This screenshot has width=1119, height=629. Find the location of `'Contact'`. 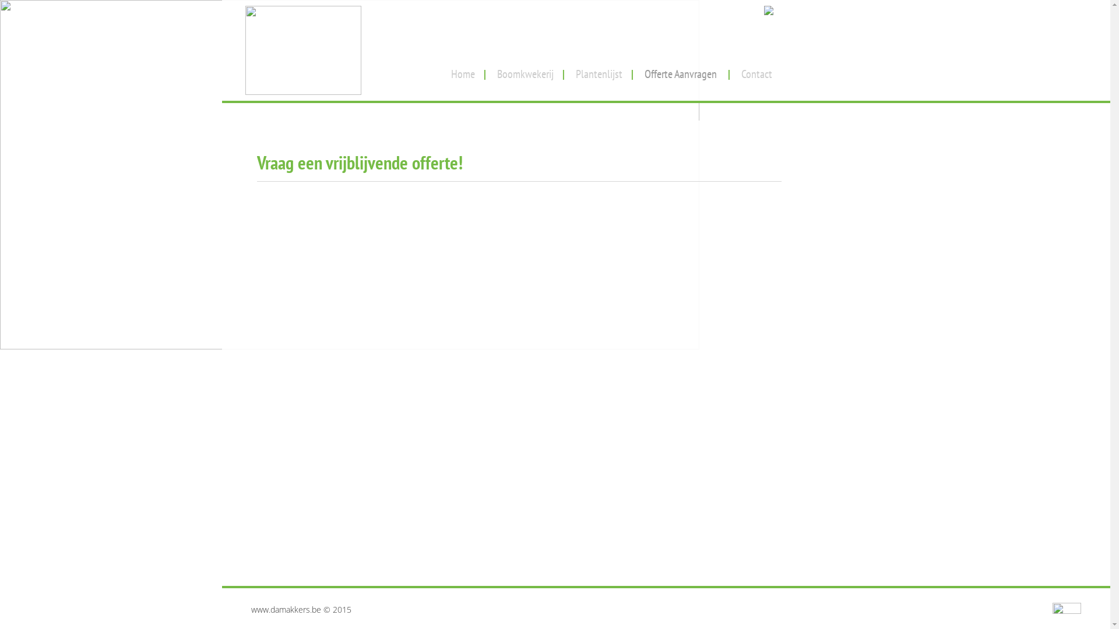

'Contact' is located at coordinates (756, 69).